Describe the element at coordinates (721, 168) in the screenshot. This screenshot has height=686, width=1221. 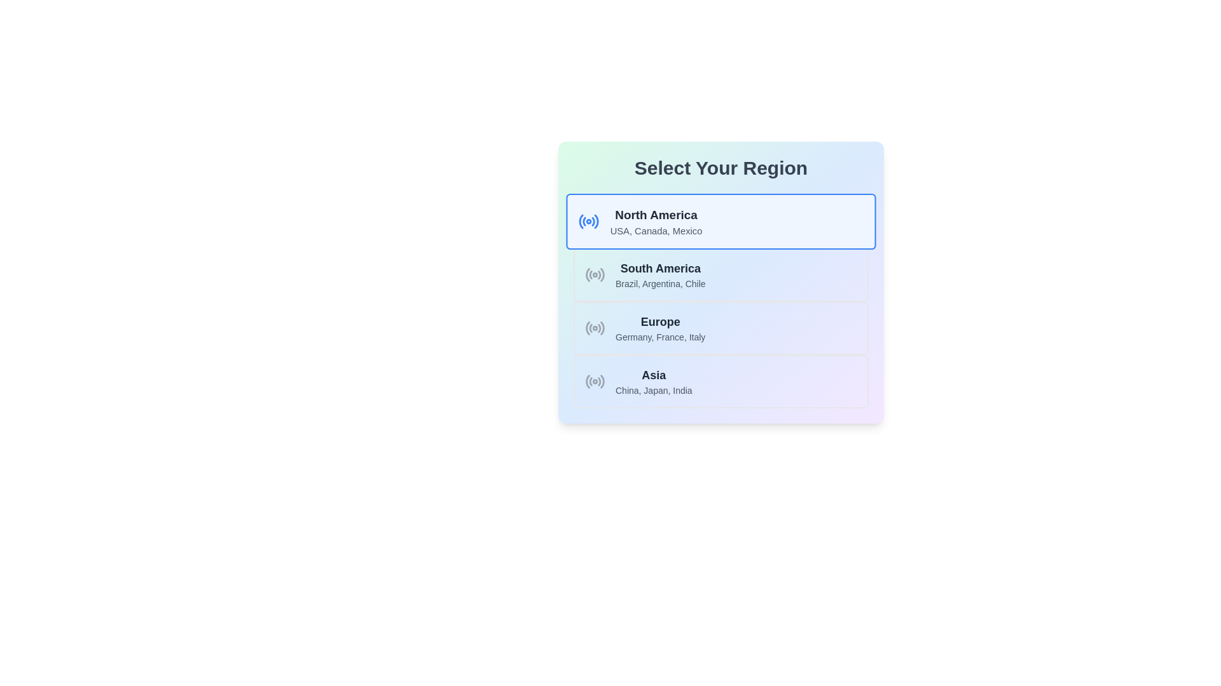
I see `the Heading element that introduces and provides context for the selectable regions below, positioned at the topmost location above 'North America' and 'South America'` at that location.